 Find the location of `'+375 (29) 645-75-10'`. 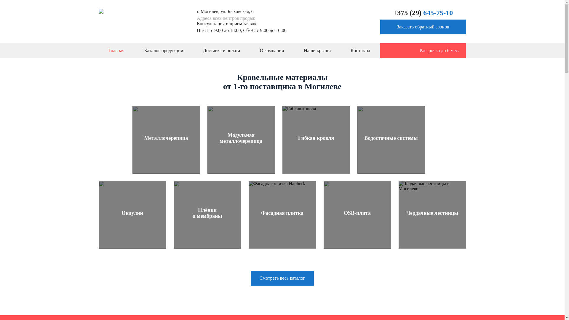

'+375 (29) 645-75-10' is located at coordinates (423, 12).